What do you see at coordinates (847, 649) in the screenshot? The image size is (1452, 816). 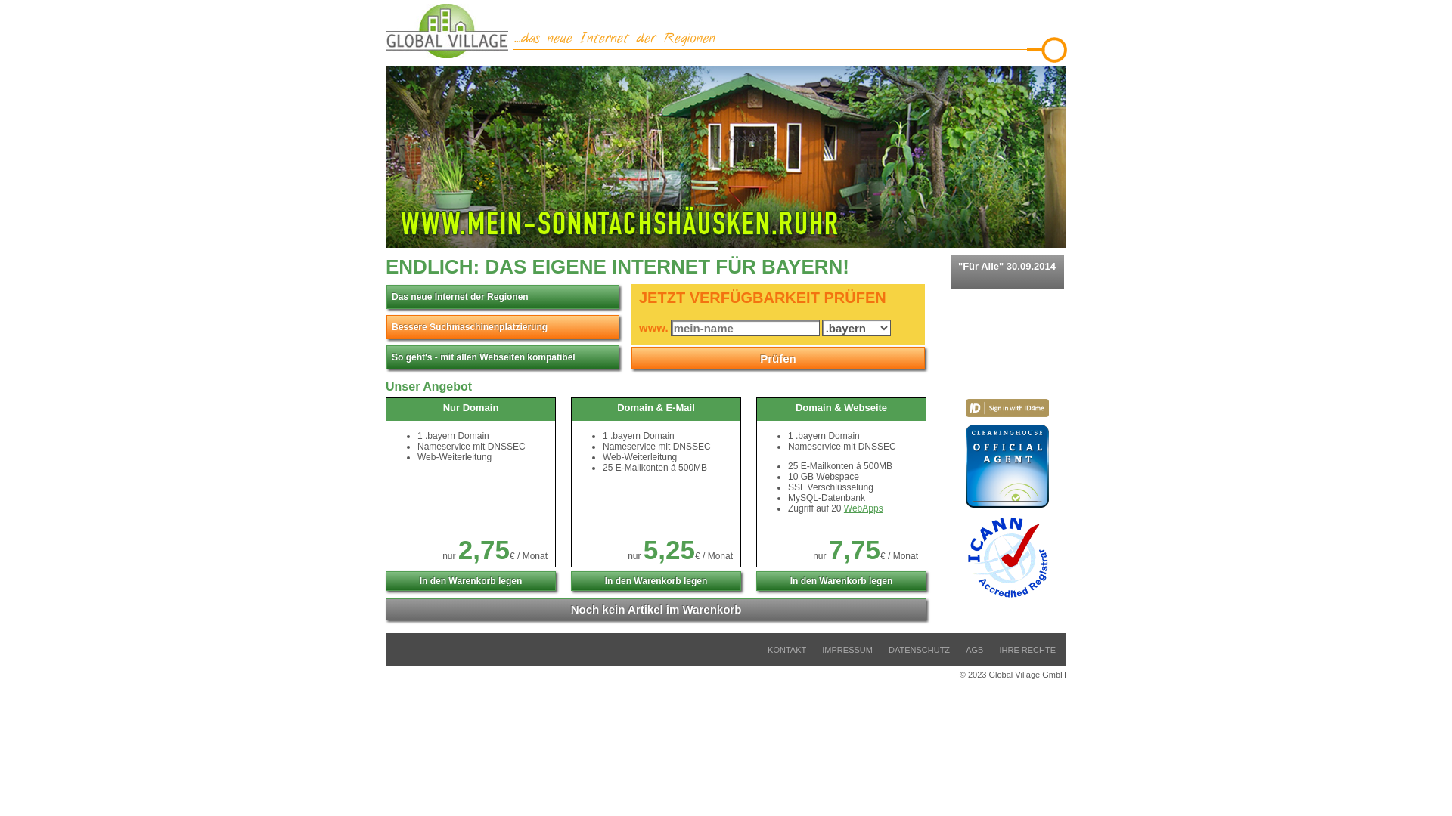 I see `'IMPRESSUM'` at bounding box center [847, 649].